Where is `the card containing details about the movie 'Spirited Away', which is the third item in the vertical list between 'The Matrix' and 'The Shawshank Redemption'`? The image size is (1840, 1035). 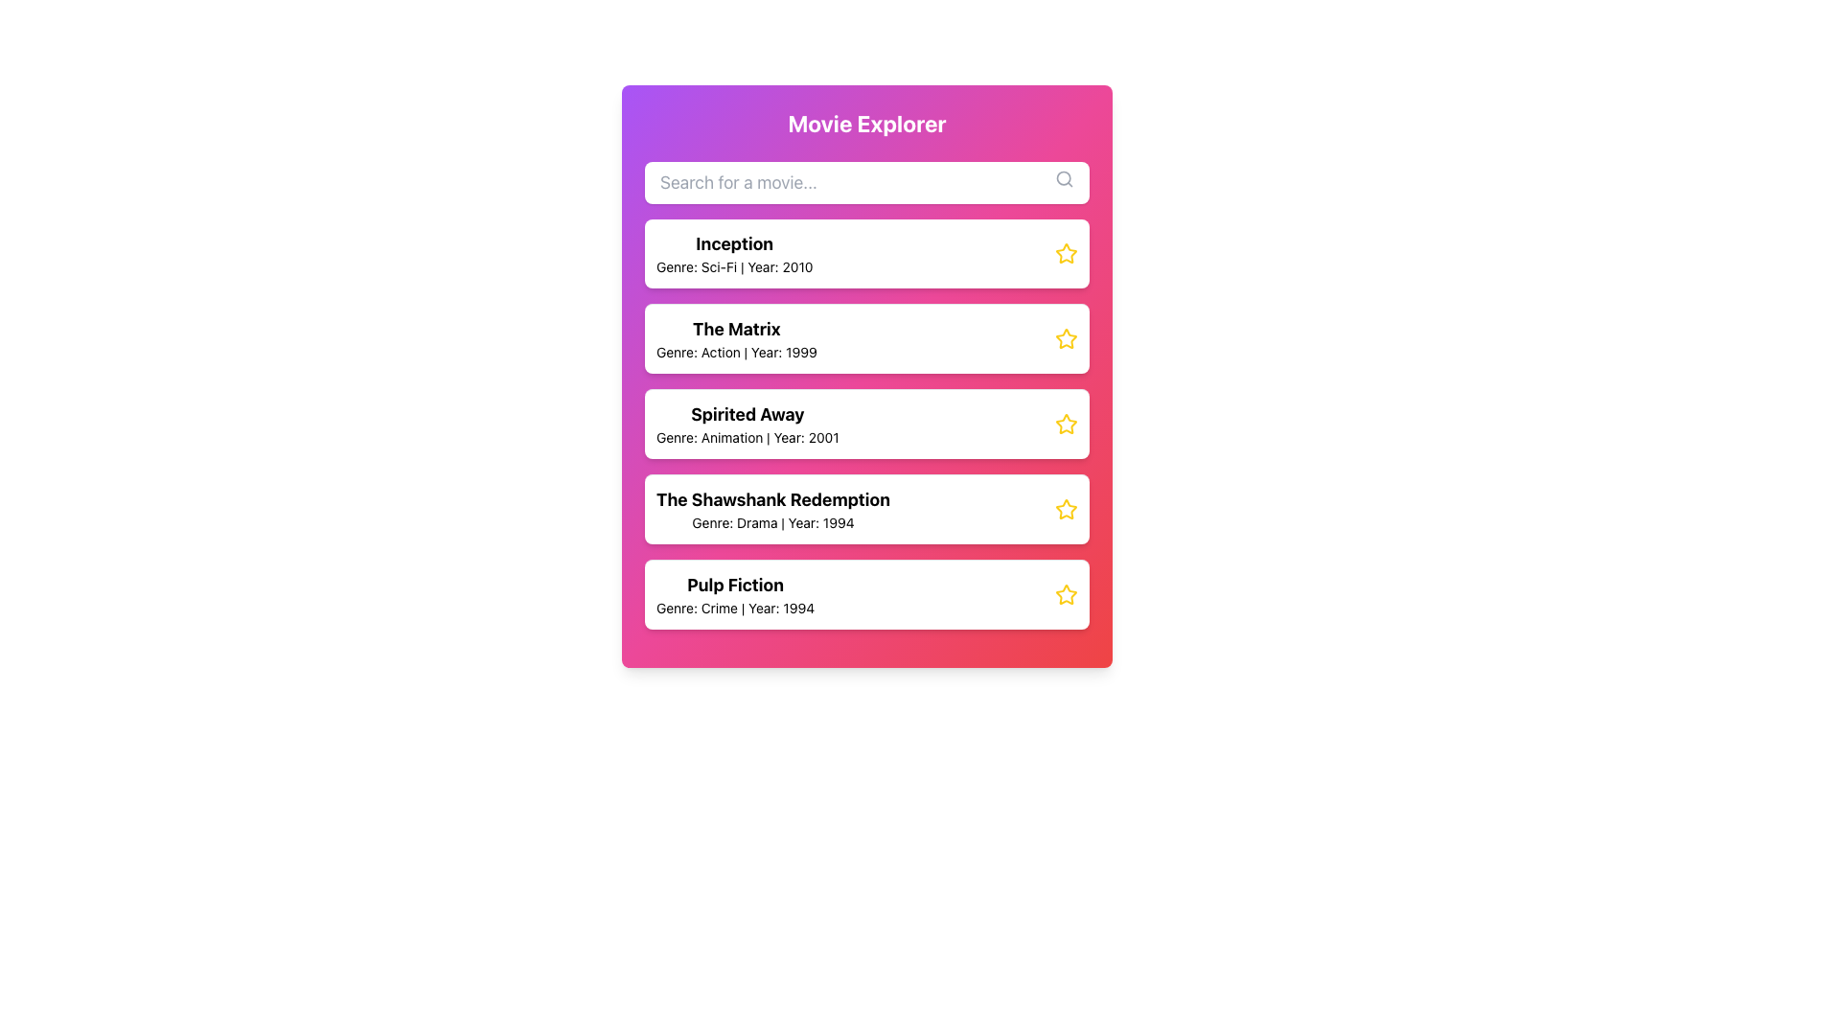 the card containing details about the movie 'Spirited Away', which is the third item in the vertical list between 'The Matrix' and 'The Shawshank Redemption' is located at coordinates (866, 423).